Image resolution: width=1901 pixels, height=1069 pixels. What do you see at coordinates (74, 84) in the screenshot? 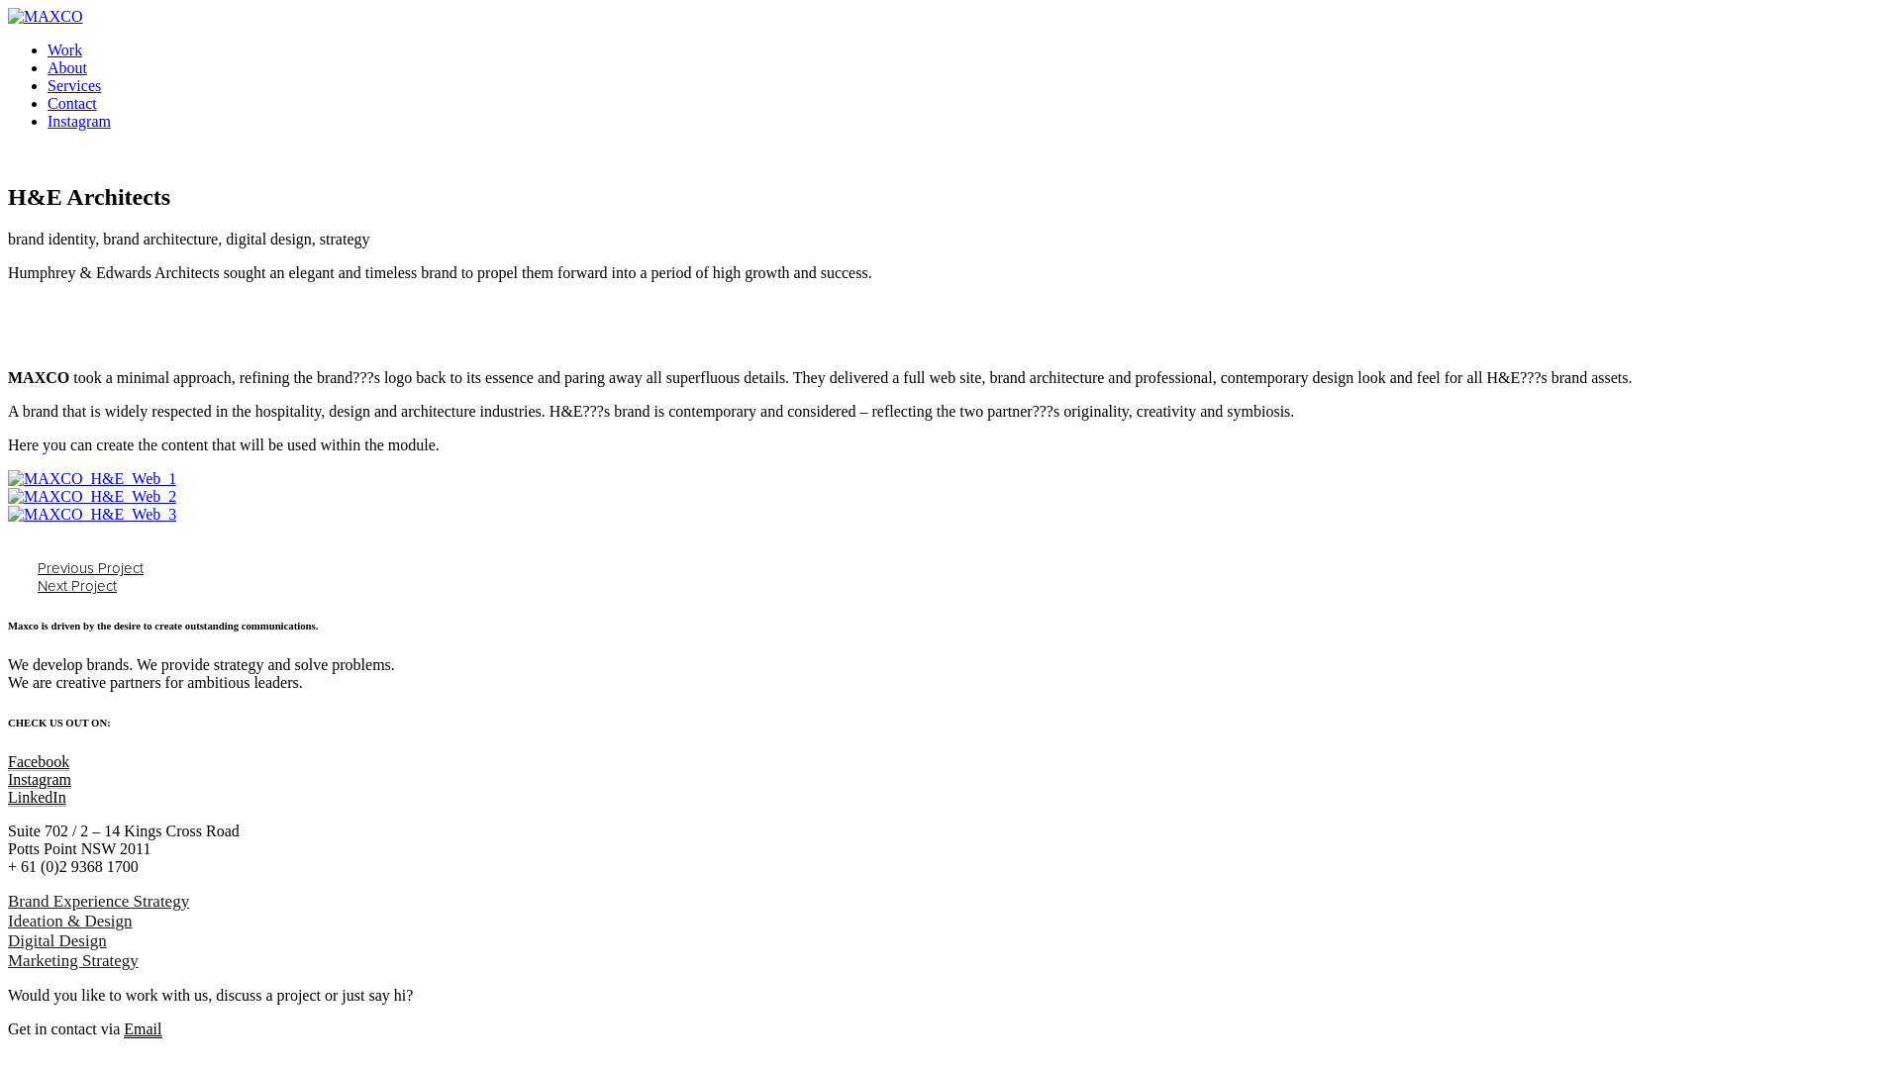
I see `'Services'` at bounding box center [74, 84].